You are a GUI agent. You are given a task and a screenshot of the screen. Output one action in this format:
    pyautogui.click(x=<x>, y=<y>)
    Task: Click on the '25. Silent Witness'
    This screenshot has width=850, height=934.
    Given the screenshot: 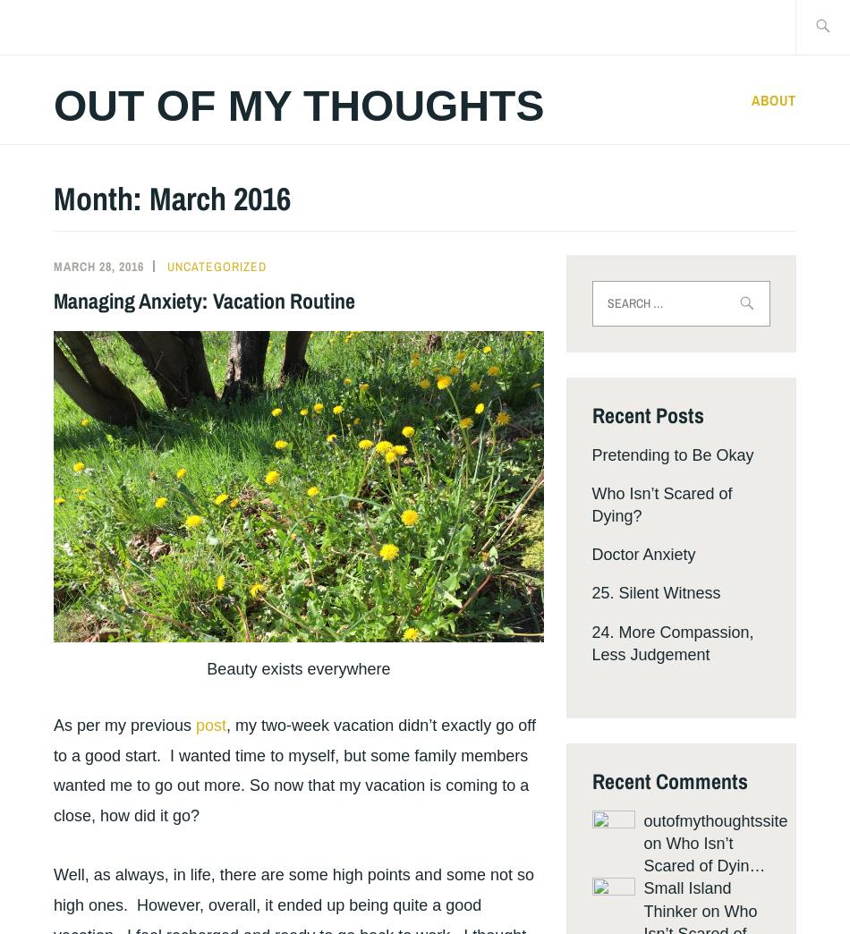 What is the action you would take?
    pyautogui.click(x=655, y=592)
    